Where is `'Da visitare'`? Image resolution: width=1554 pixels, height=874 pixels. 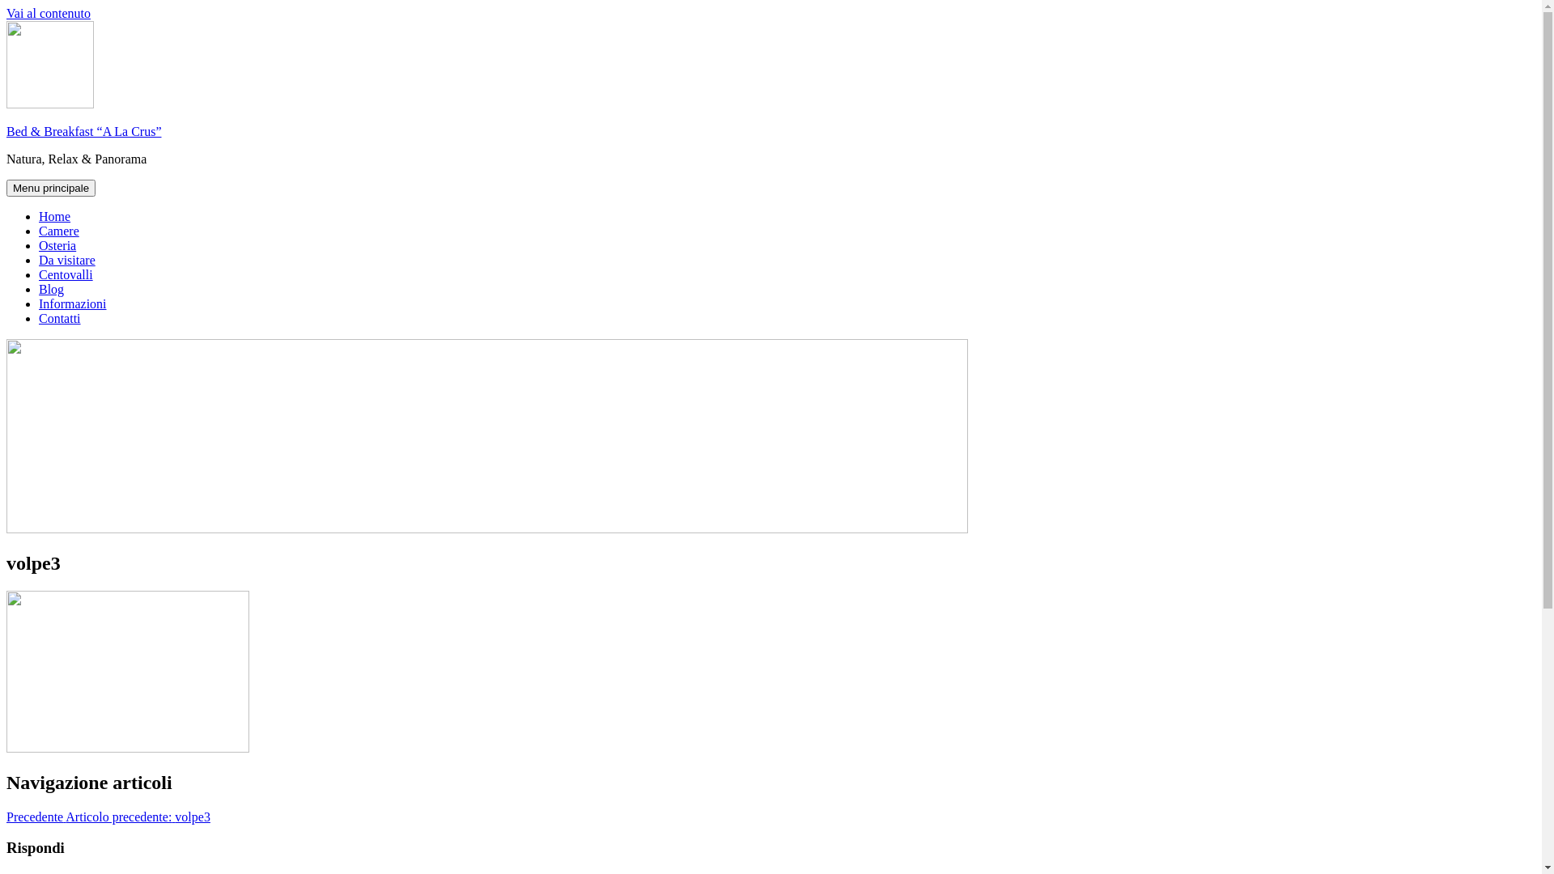 'Da visitare' is located at coordinates (66, 259).